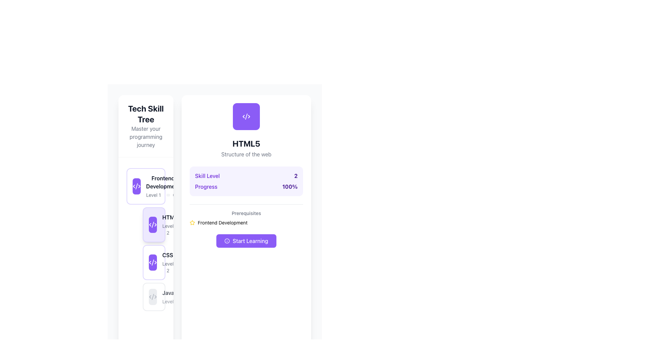  I want to click on the bold violet number '2' that is positioned next to the 'Skill Level' label, so click(296, 175).